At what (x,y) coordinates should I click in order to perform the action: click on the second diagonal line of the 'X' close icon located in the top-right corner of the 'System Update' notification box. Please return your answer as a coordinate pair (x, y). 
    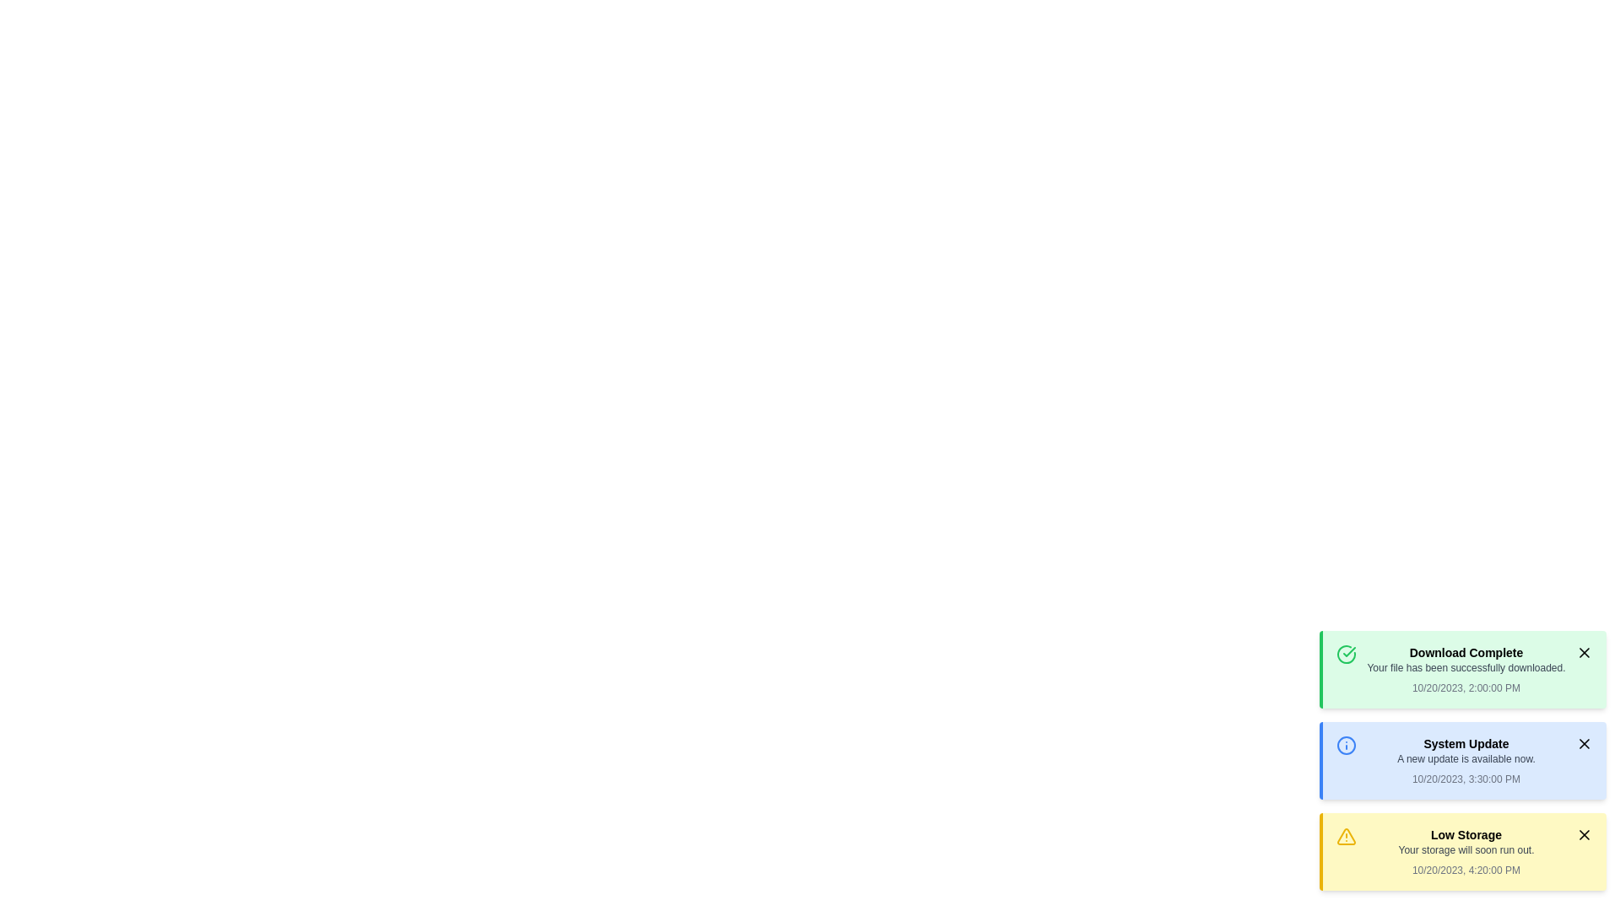
    Looking at the image, I should click on (1583, 743).